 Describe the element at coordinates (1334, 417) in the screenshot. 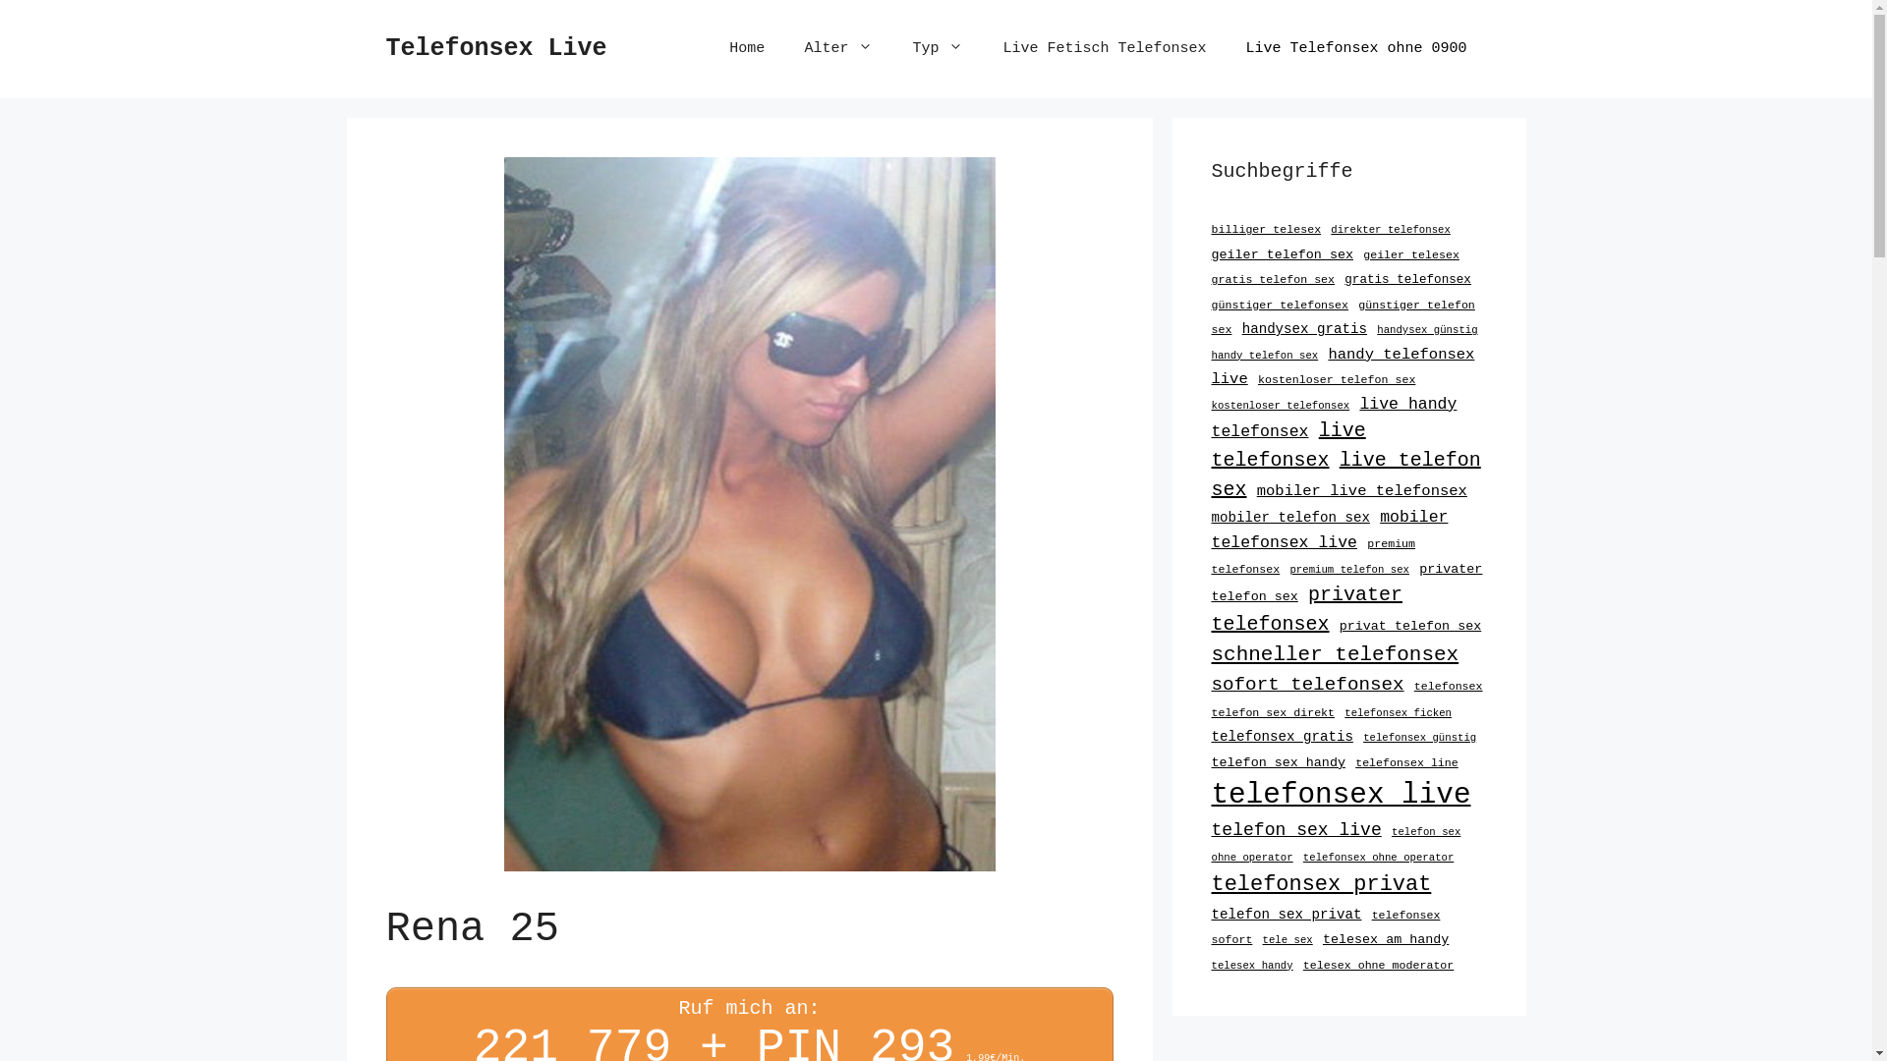

I see `'live handy telefonsex'` at that location.